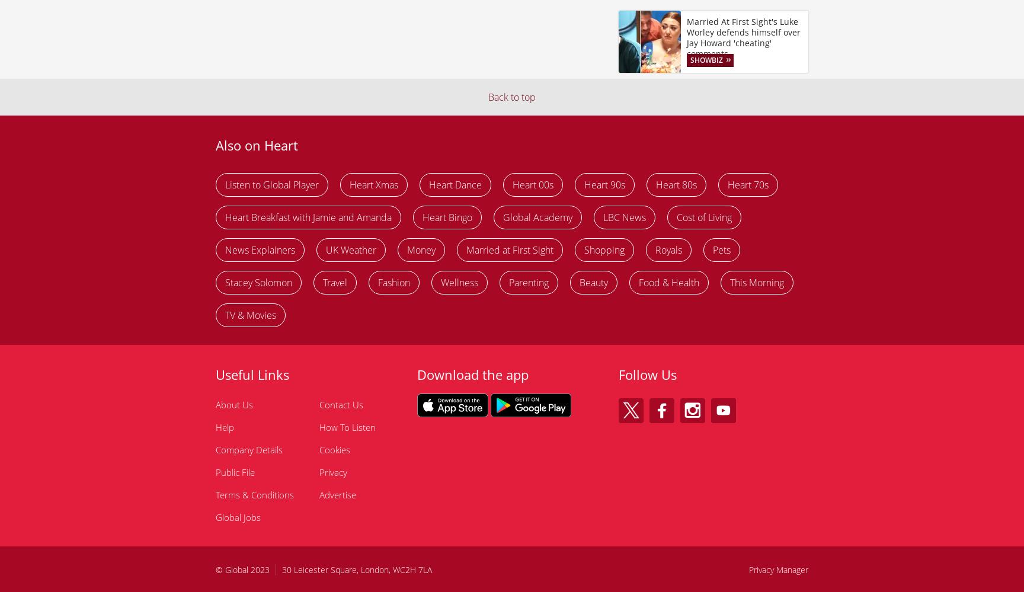  Describe the element at coordinates (248, 449) in the screenshot. I see `'Company Details'` at that location.